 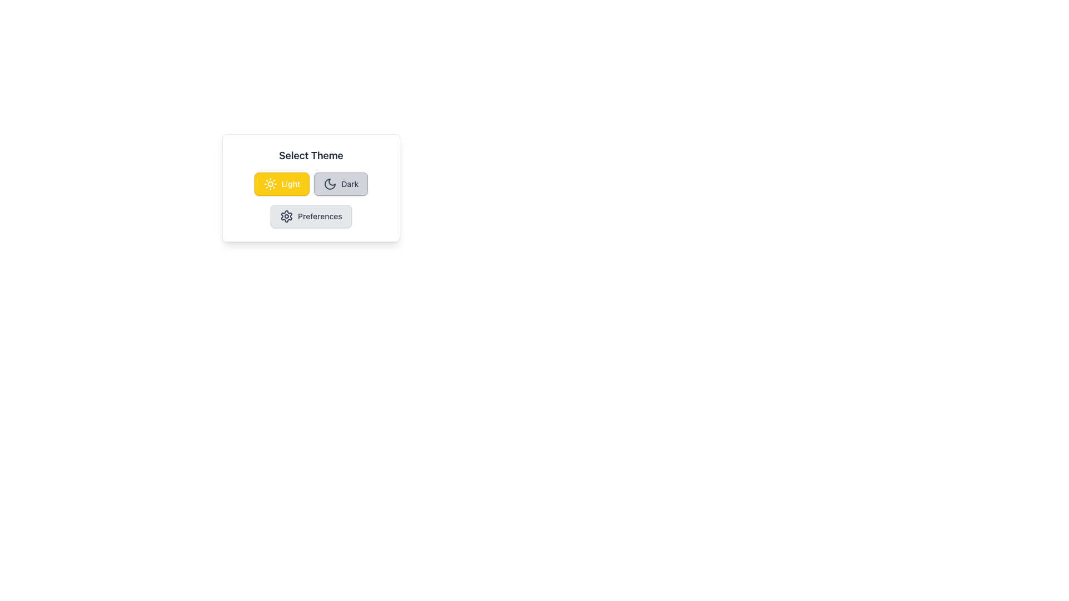 What do you see at coordinates (311, 184) in the screenshot?
I see `the 'Light' button in the Horizontal Button Group` at bounding box center [311, 184].